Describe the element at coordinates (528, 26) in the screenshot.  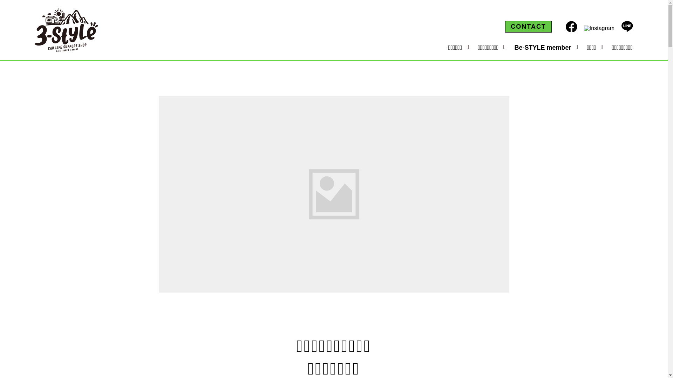
I see `'CONTACT'` at that location.